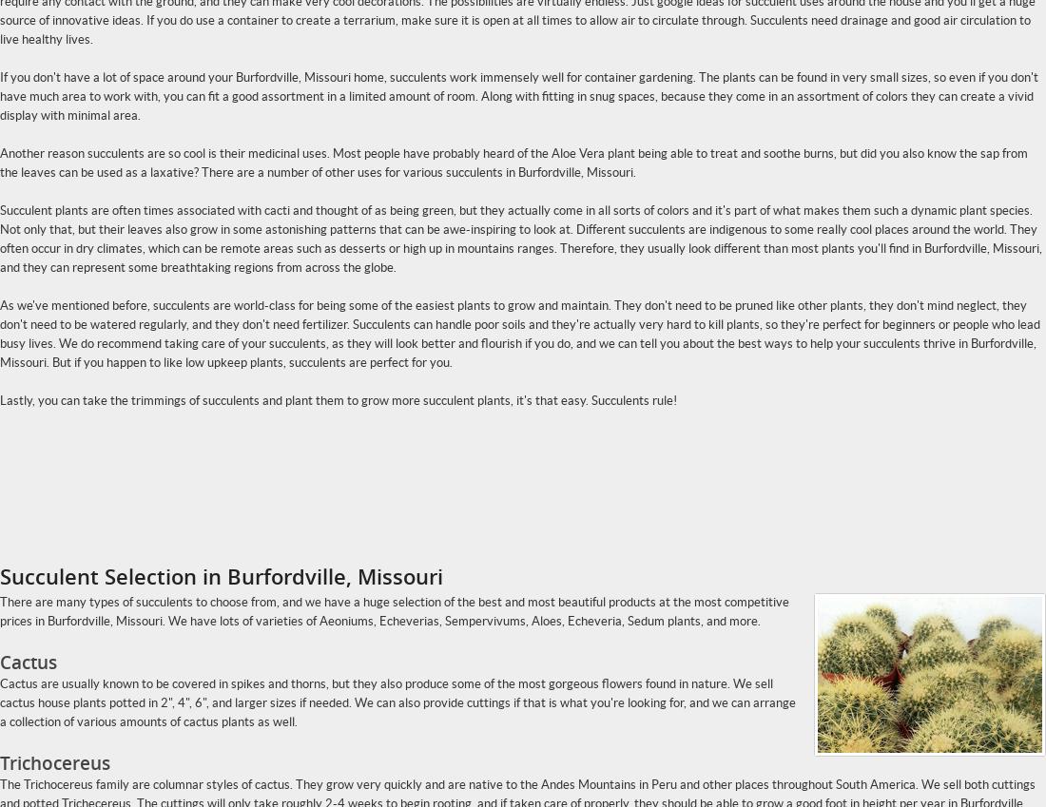  What do you see at coordinates (0, 334) in the screenshot?
I see `'As we've mentioned before, succulents are world-class for being some of the easiest plants to grow and maintain. They don't need to be pruned like other plants, they don't mind neglect, they don't need to be watered regularly, and they don't need fertilizer. Succulents can handle poor soils and they're actually very hard to kill plants, so they're perfect for beginners or people who lead busy lives. We do recommend taking care of your succulents, as they will look better and flourish if you do, and we can tell you about the best ways to help your succulents thrive in Burfordville, Missouri. But if you happen to like low upkeep plants, succulents are perfect for you.'` at bounding box center [0, 334].